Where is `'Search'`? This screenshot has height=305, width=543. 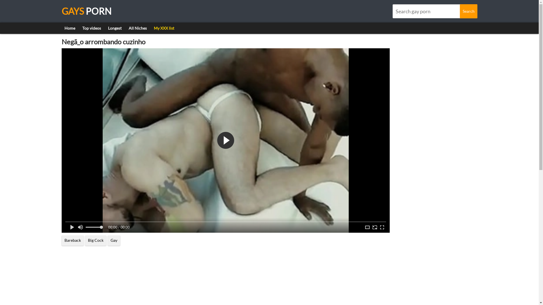
'Search' is located at coordinates (468, 11).